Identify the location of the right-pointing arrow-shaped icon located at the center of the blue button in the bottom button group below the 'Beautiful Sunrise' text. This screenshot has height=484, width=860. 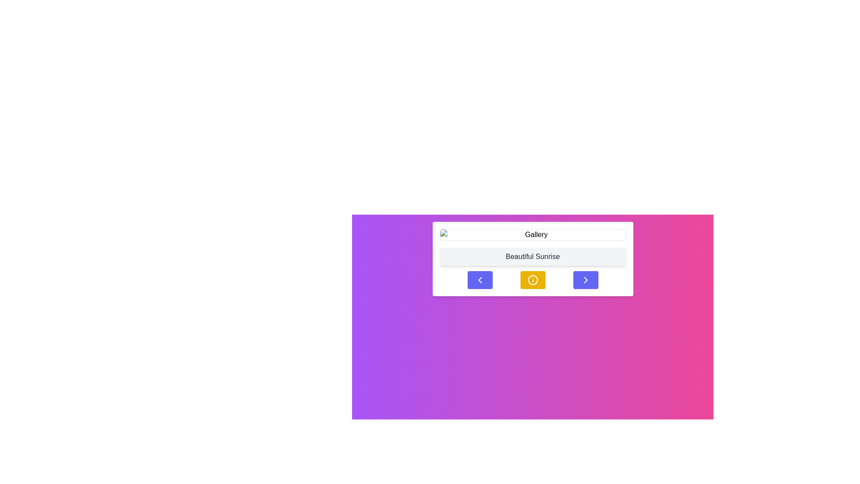
(585, 279).